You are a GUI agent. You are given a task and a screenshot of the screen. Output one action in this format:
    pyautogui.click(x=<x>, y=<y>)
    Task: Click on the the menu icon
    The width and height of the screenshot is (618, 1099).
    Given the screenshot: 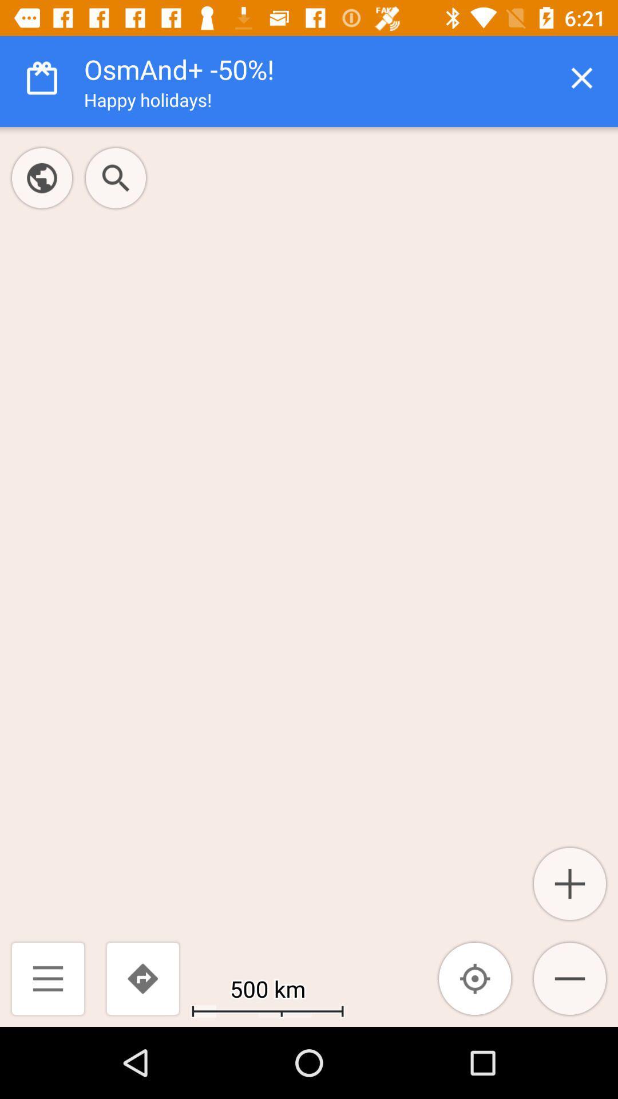 What is the action you would take?
    pyautogui.click(x=47, y=978)
    